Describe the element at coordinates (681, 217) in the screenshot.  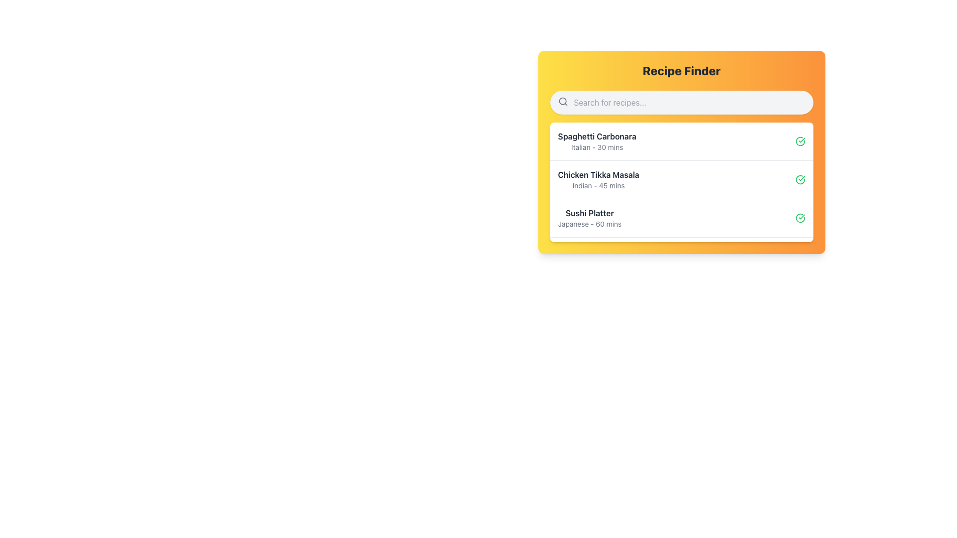
I see `the third food dish option in the 'Recipe Finder' menu, which is located between 'Chicken Tikka Masala' and 'French Onion Soup'` at that location.